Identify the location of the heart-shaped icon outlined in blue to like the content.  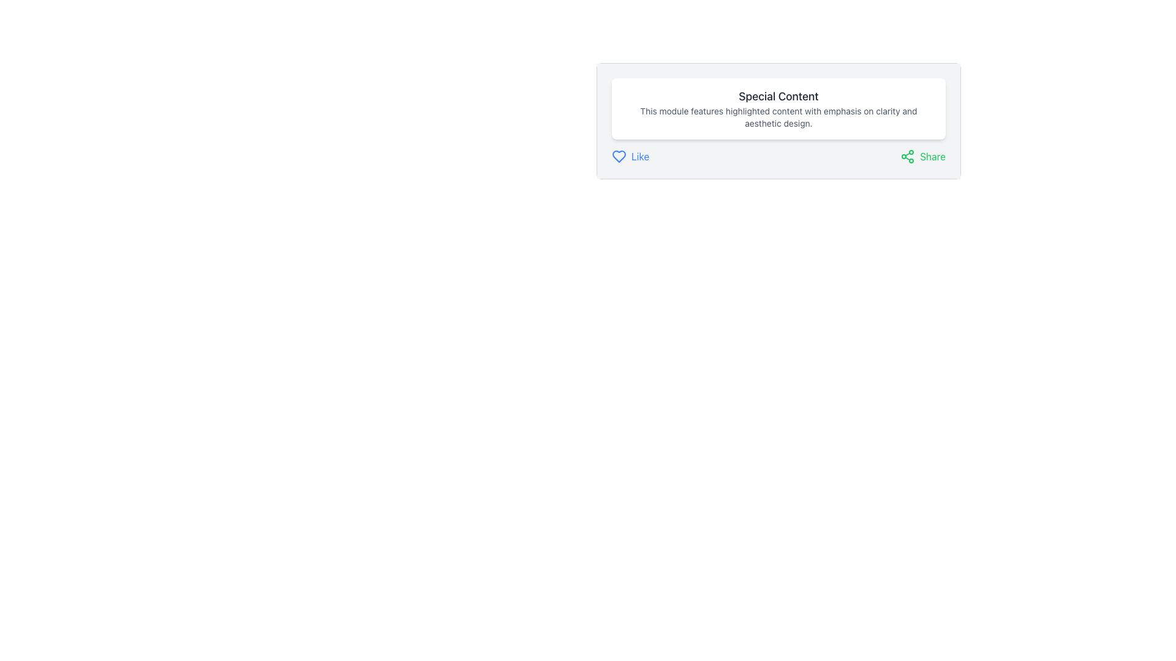
(619, 155).